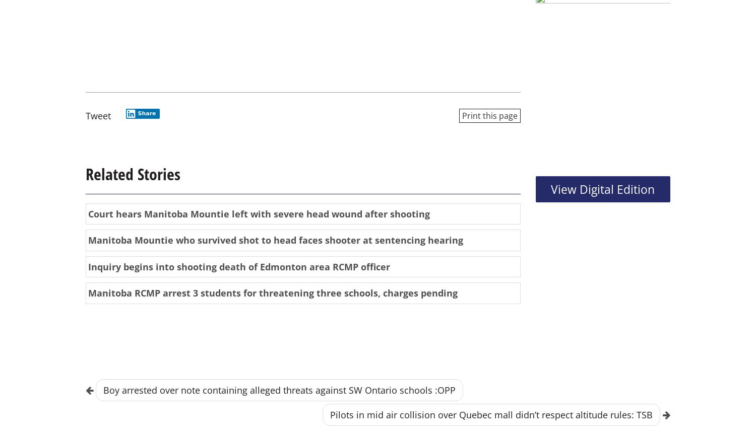 This screenshot has height=442, width=756. What do you see at coordinates (491, 414) in the screenshot?
I see `'Pilots in mid air collision over Quebec mall didn’t respect altitude rules: TSB'` at bounding box center [491, 414].